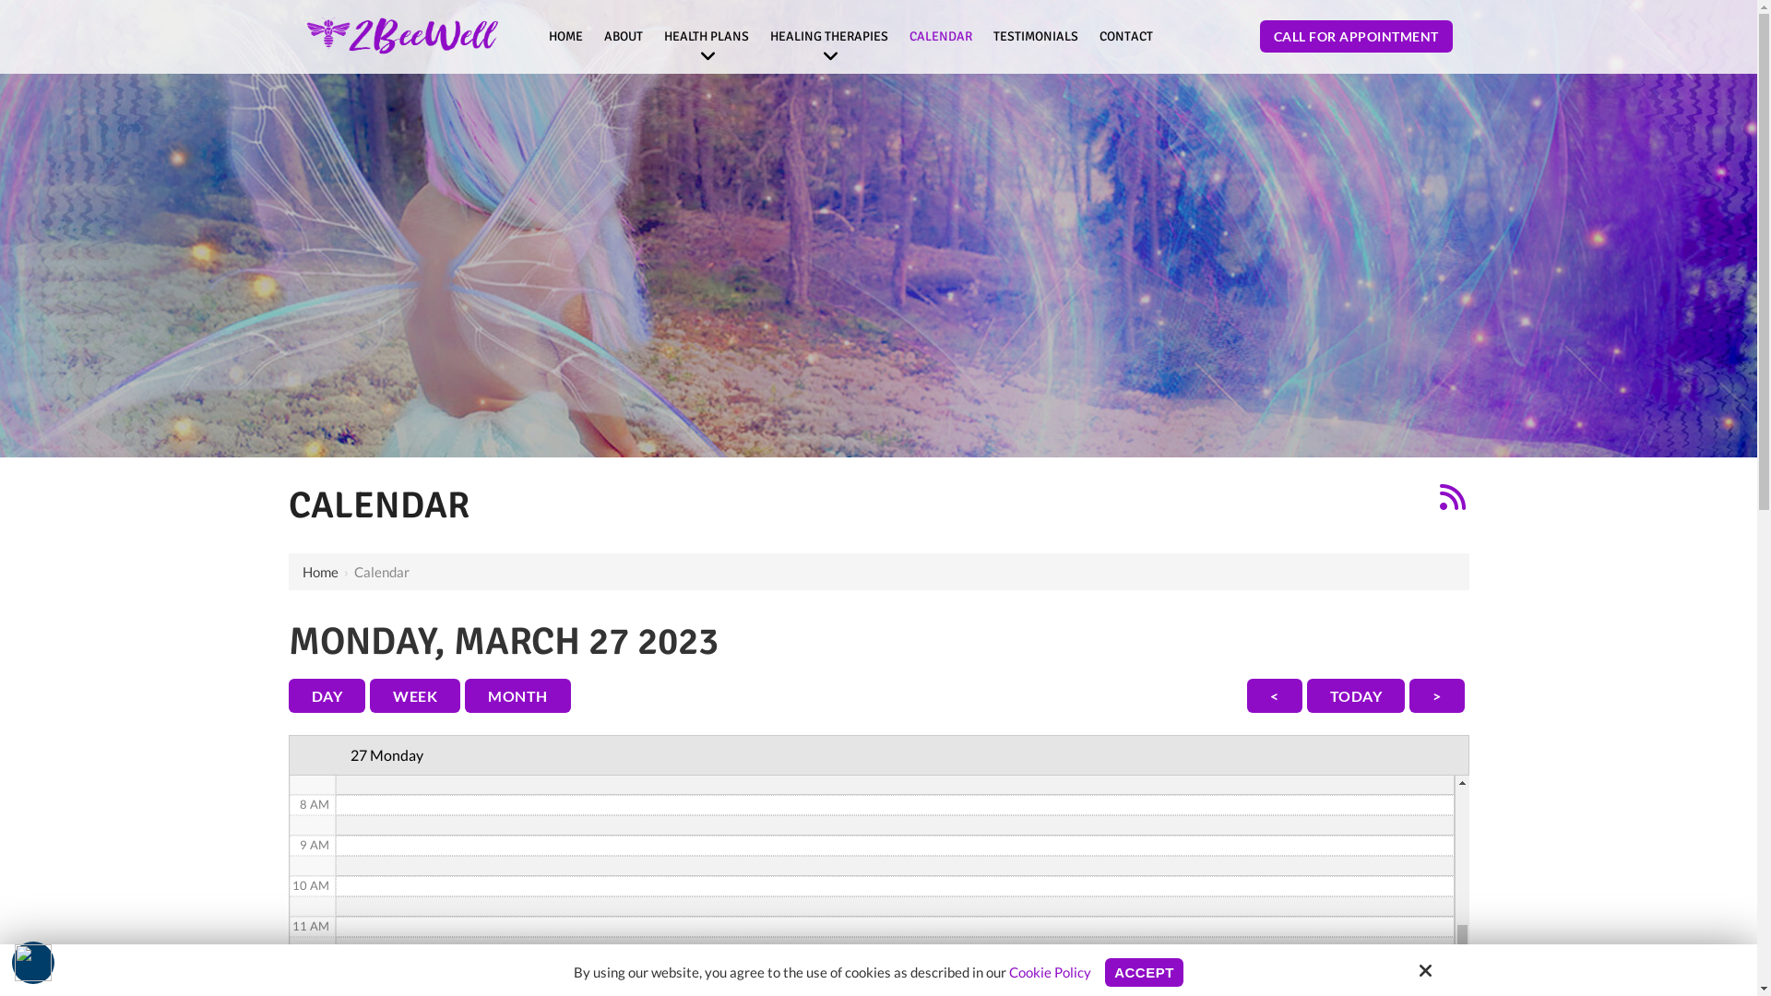 Image resolution: width=1771 pixels, height=996 pixels. I want to click on 'CALL FOR APPOINTMENT', so click(1356, 36).